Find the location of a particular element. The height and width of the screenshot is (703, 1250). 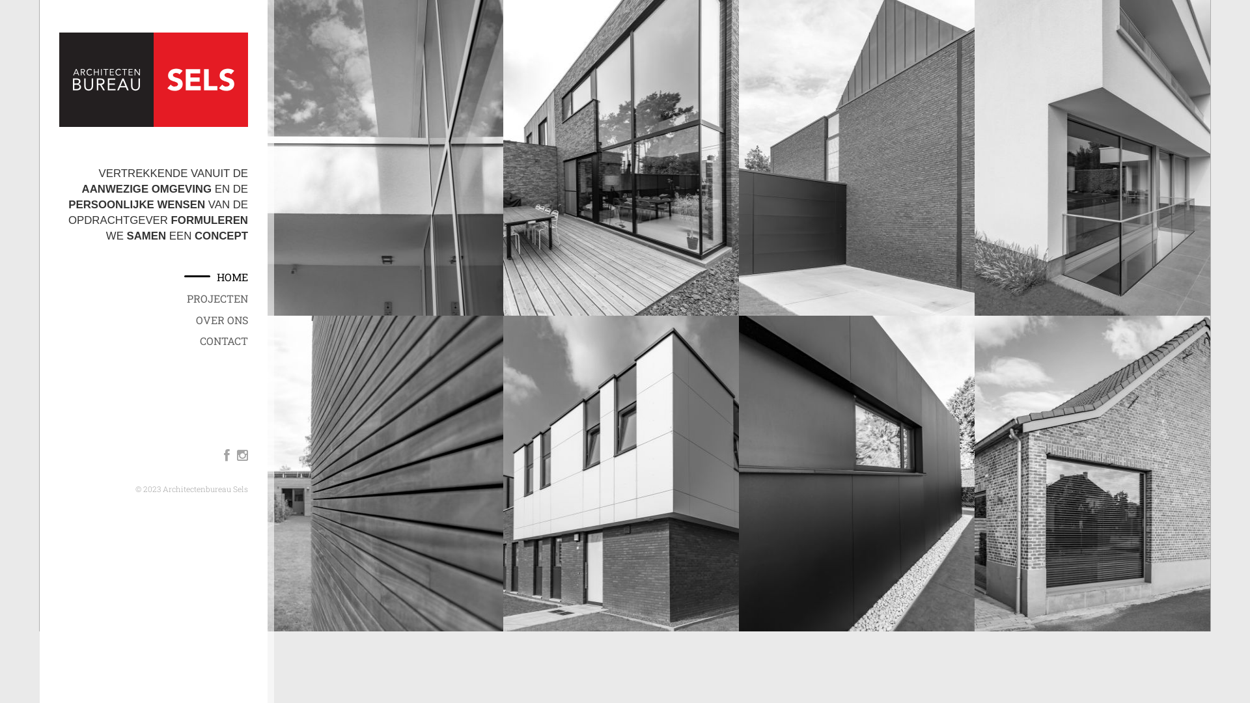

'OVER ONS' is located at coordinates (195, 320).